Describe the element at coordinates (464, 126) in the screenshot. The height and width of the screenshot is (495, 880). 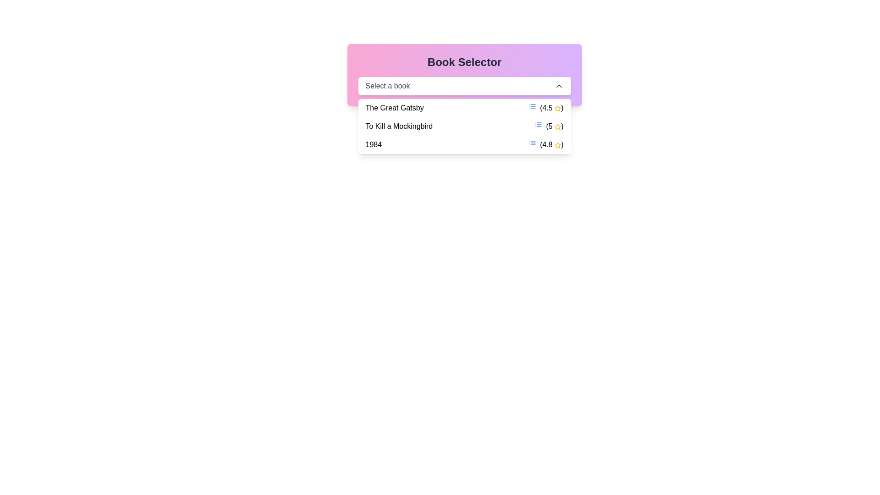
I see `the book item in the dropdown list, which appears below the 'Select a book' dropdown button` at that location.